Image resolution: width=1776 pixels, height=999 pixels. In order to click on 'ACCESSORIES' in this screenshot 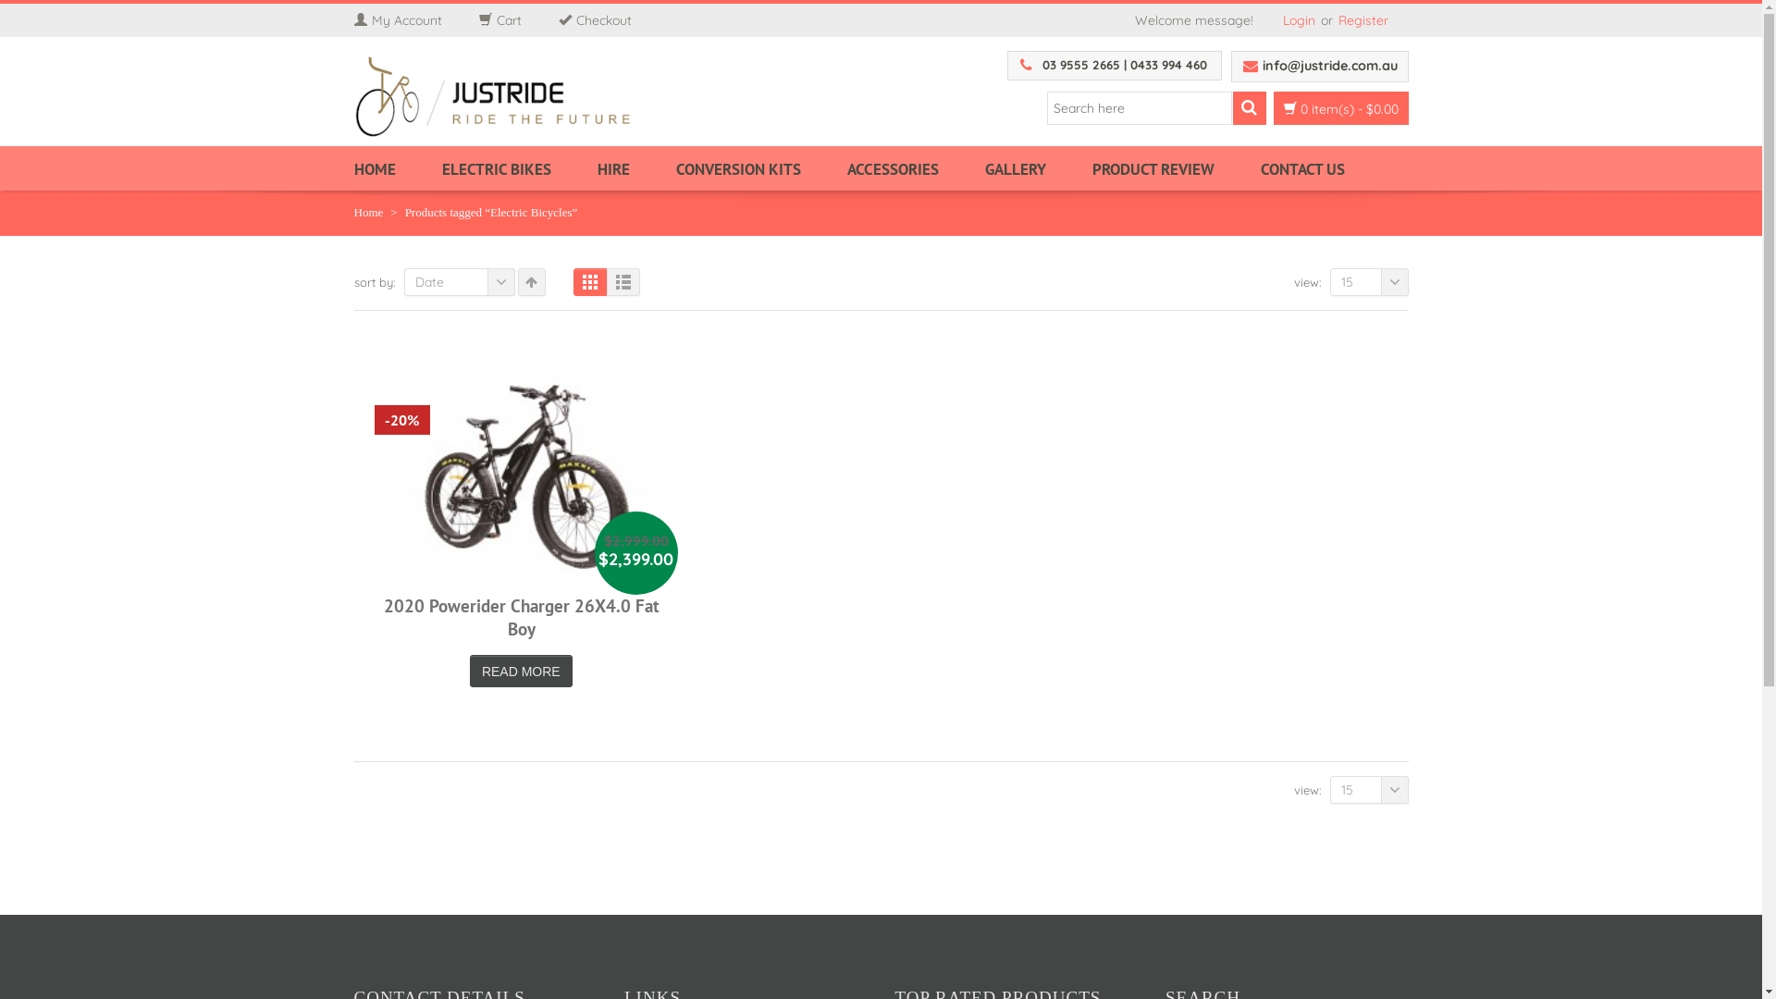, I will do `click(916, 167)`.